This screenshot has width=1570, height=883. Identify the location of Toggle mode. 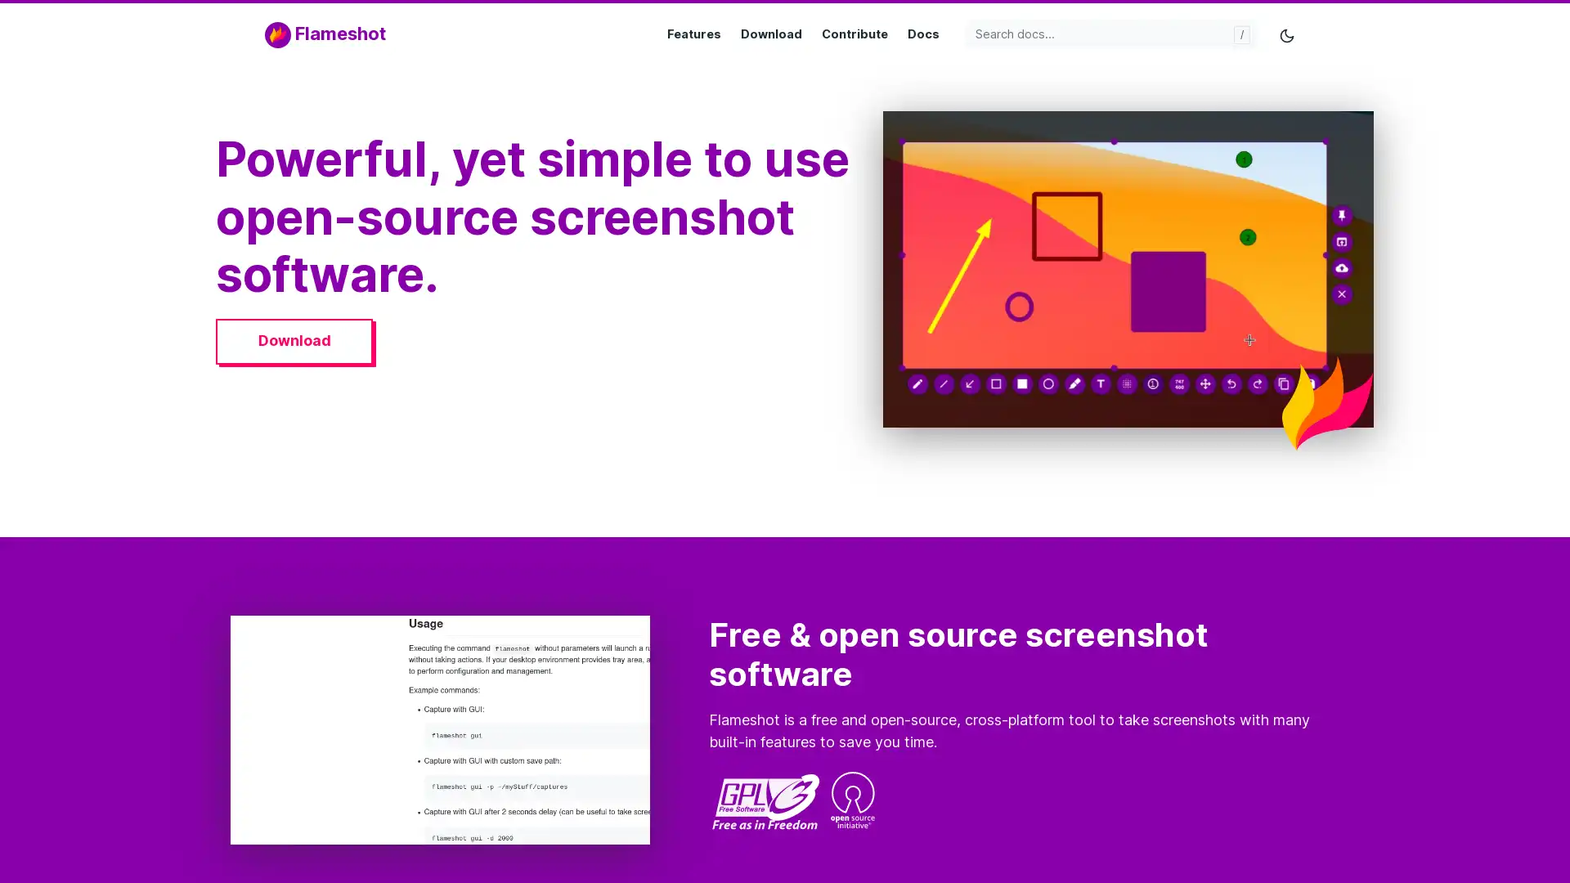
(1286, 34).